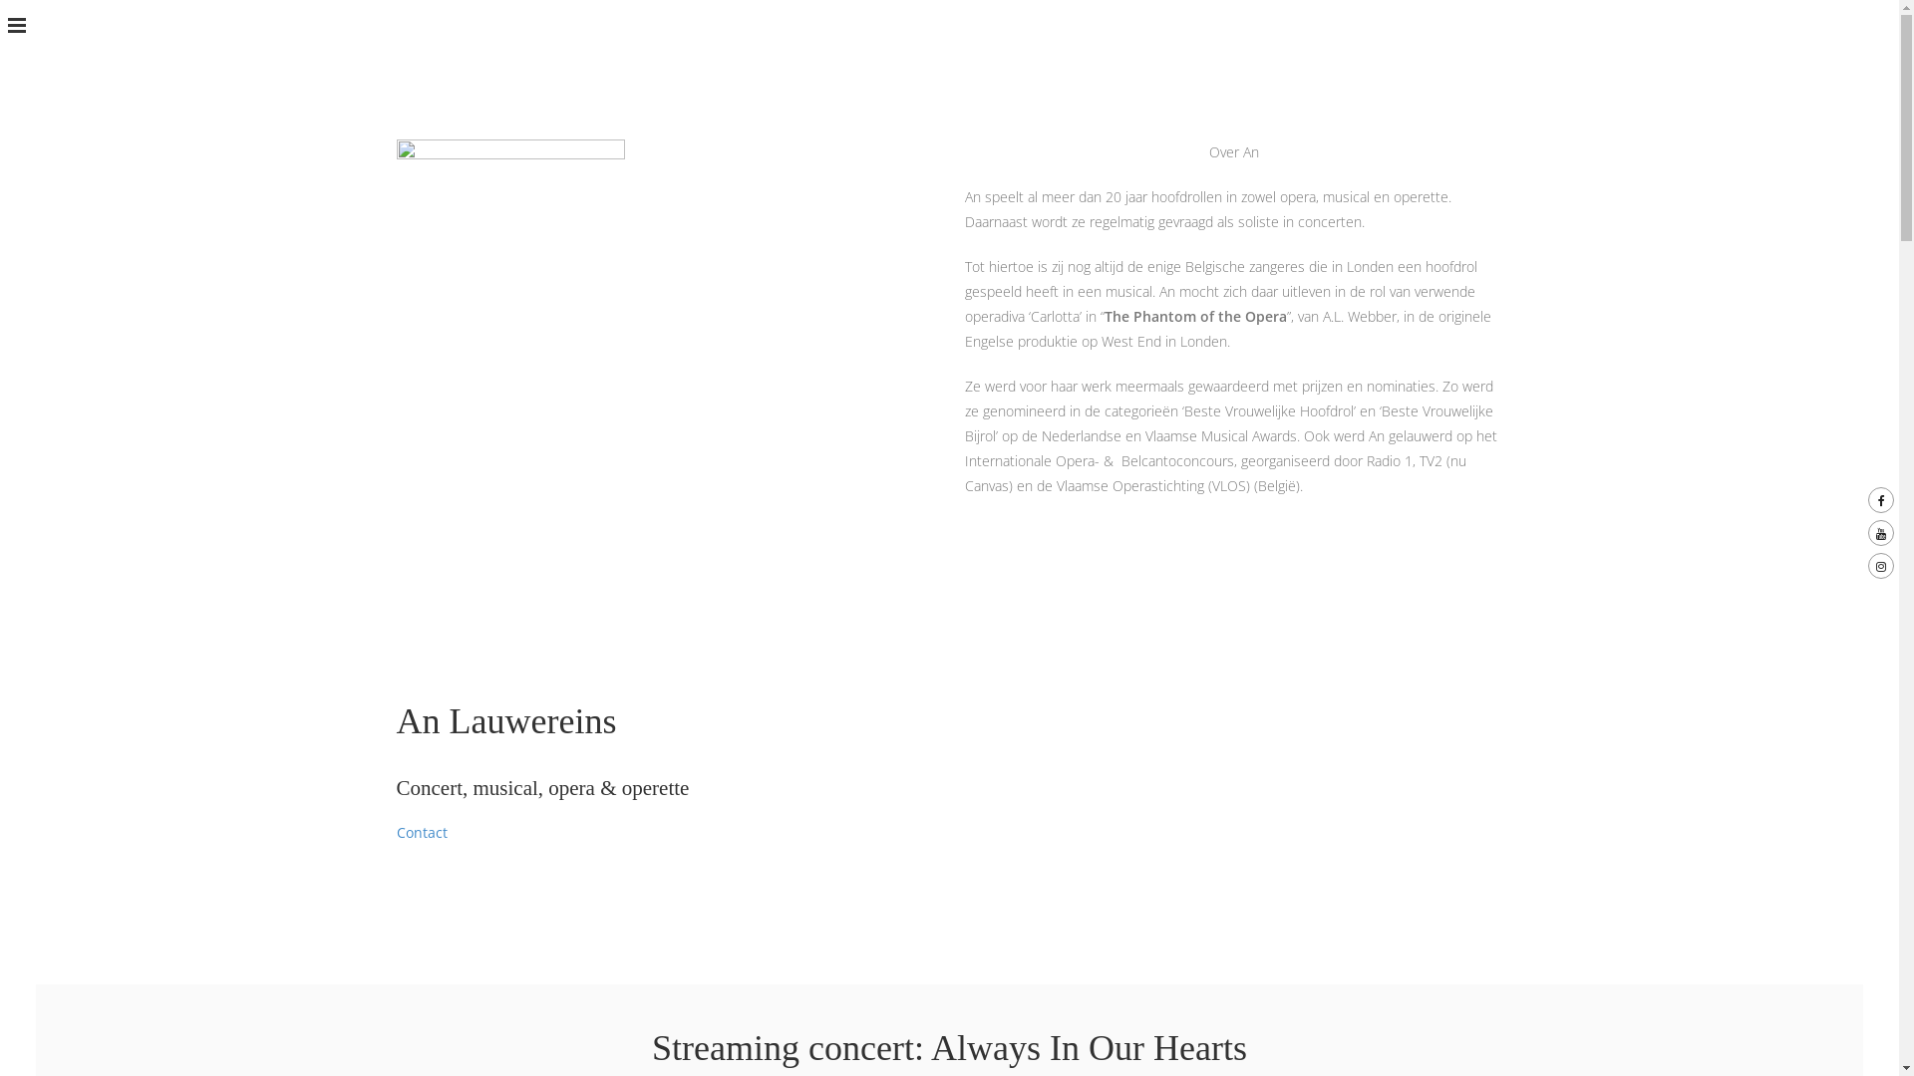 Image resolution: width=1914 pixels, height=1076 pixels. What do you see at coordinates (421, 832) in the screenshot?
I see `'Contact'` at bounding box center [421, 832].